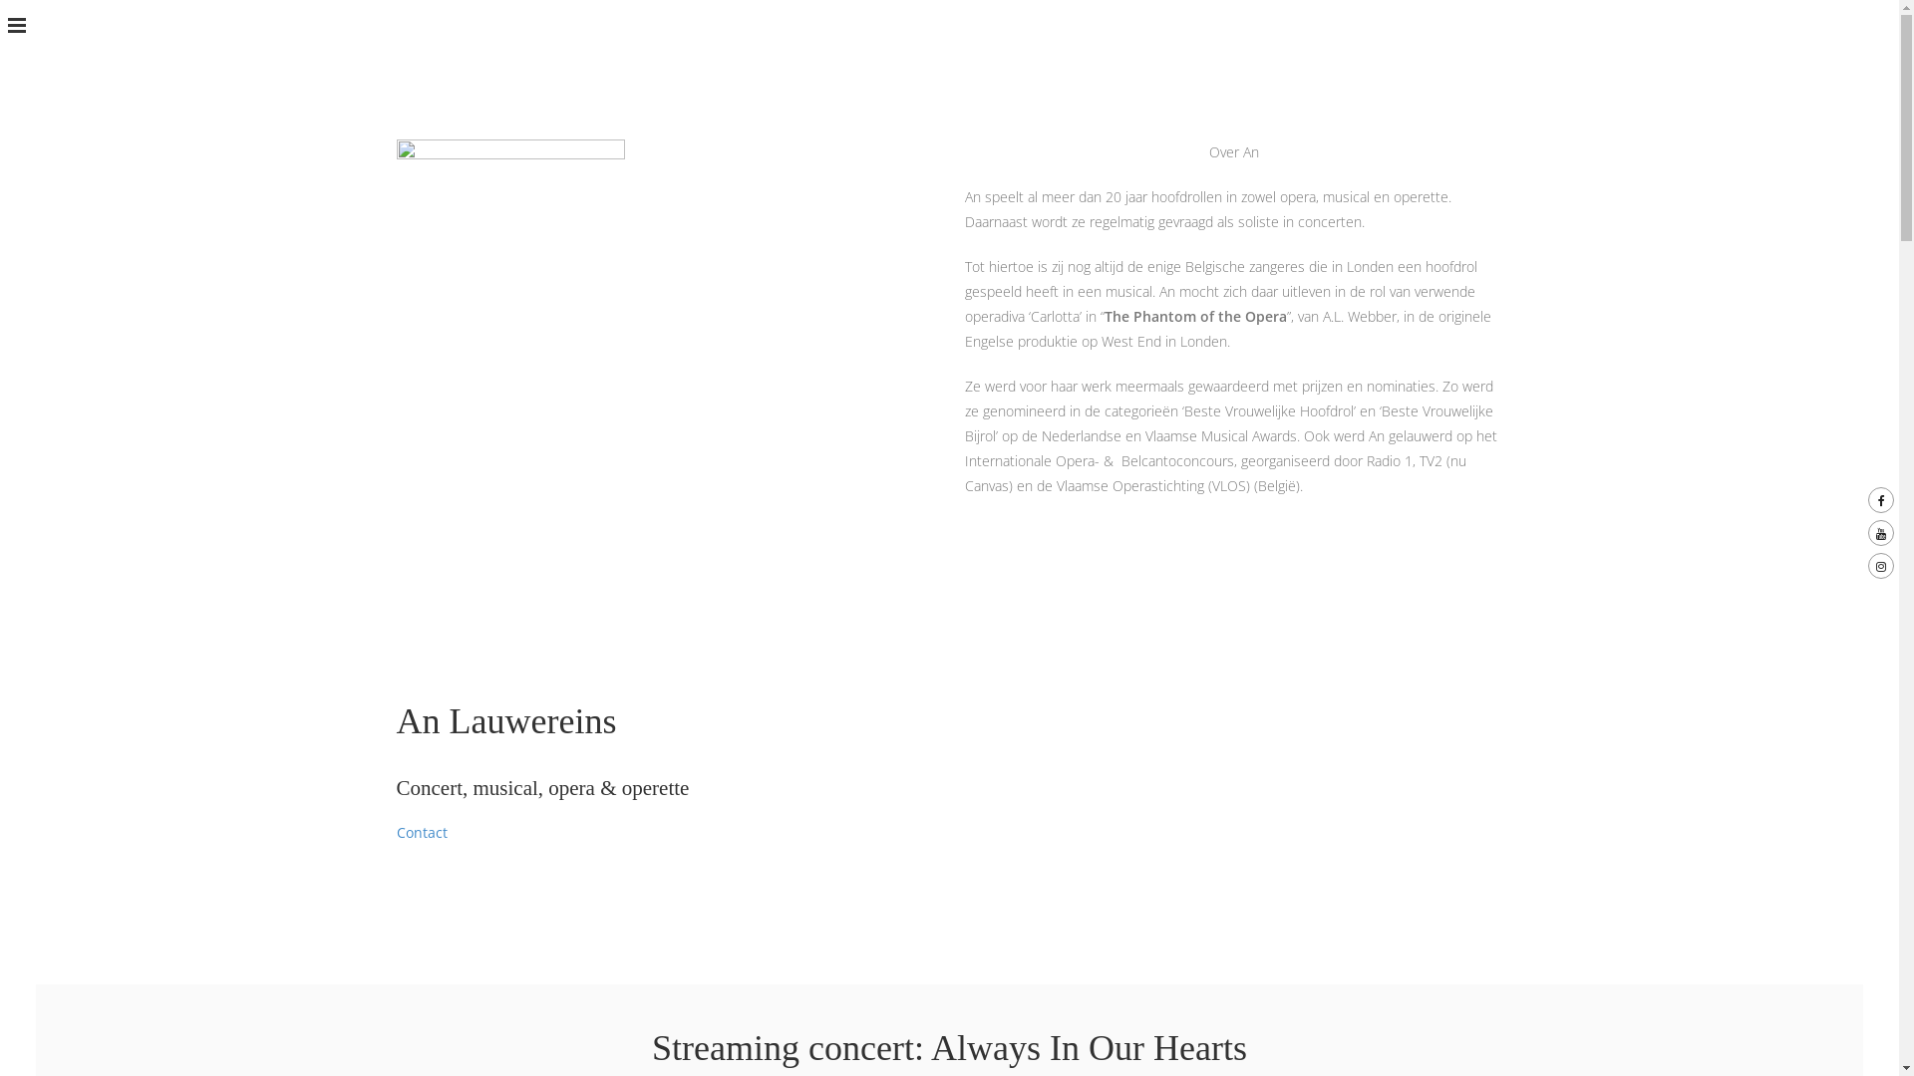 Image resolution: width=1914 pixels, height=1076 pixels. What do you see at coordinates (421, 832) in the screenshot?
I see `'Contact'` at bounding box center [421, 832].